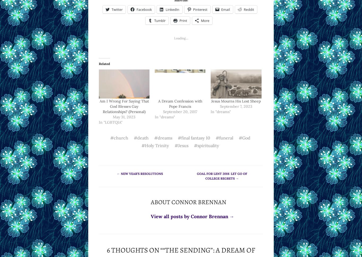  I want to click on 'Print', so click(183, 20).